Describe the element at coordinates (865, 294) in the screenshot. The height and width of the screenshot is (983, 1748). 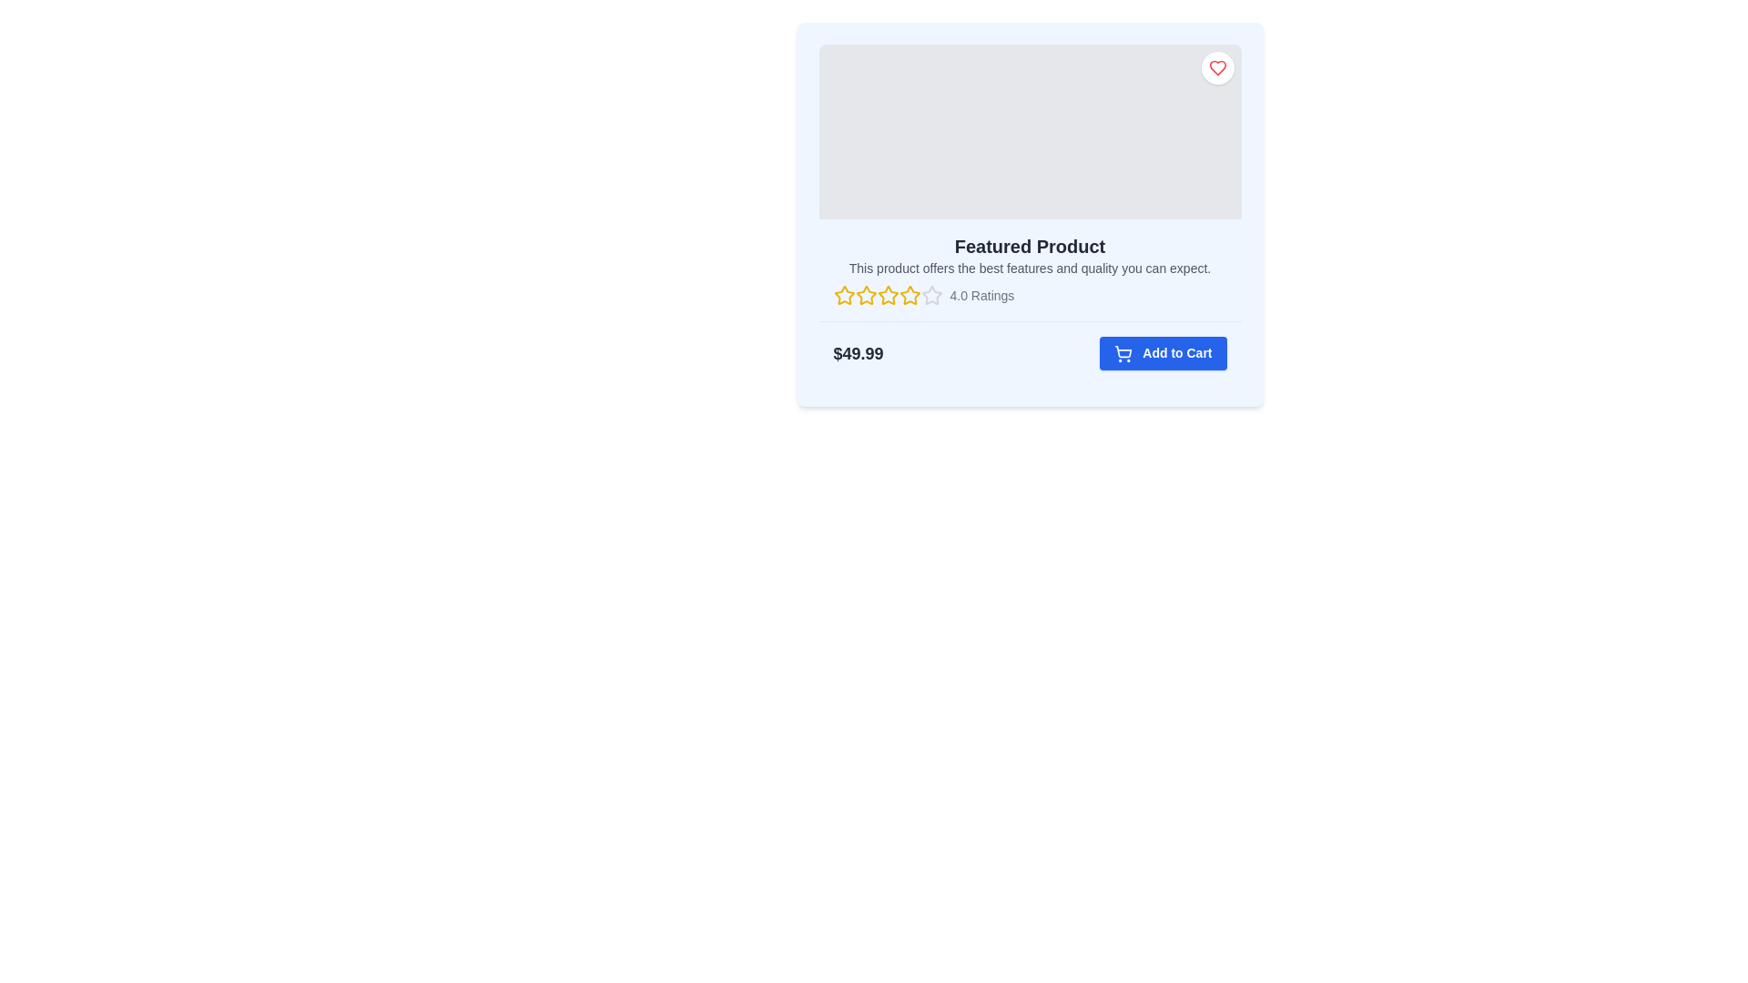
I see `the second Rating Star Icon, which visually indicates a rating of two out of five, located below the product description text and to the left of '4.0 Ratings'` at that location.